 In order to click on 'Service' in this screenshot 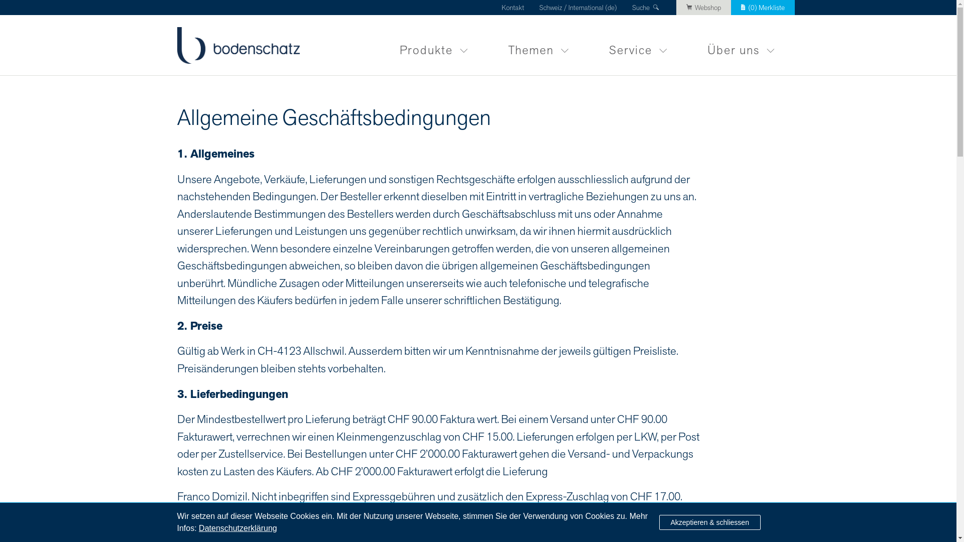, I will do `click(588, 44)`.